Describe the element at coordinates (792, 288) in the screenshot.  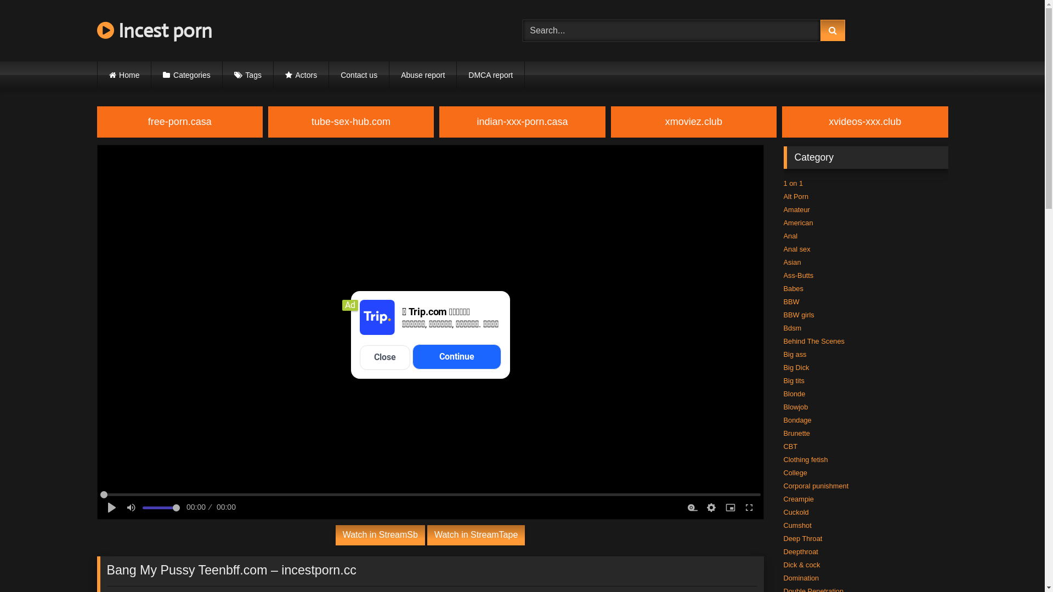
I see `'Babes'` at that location.